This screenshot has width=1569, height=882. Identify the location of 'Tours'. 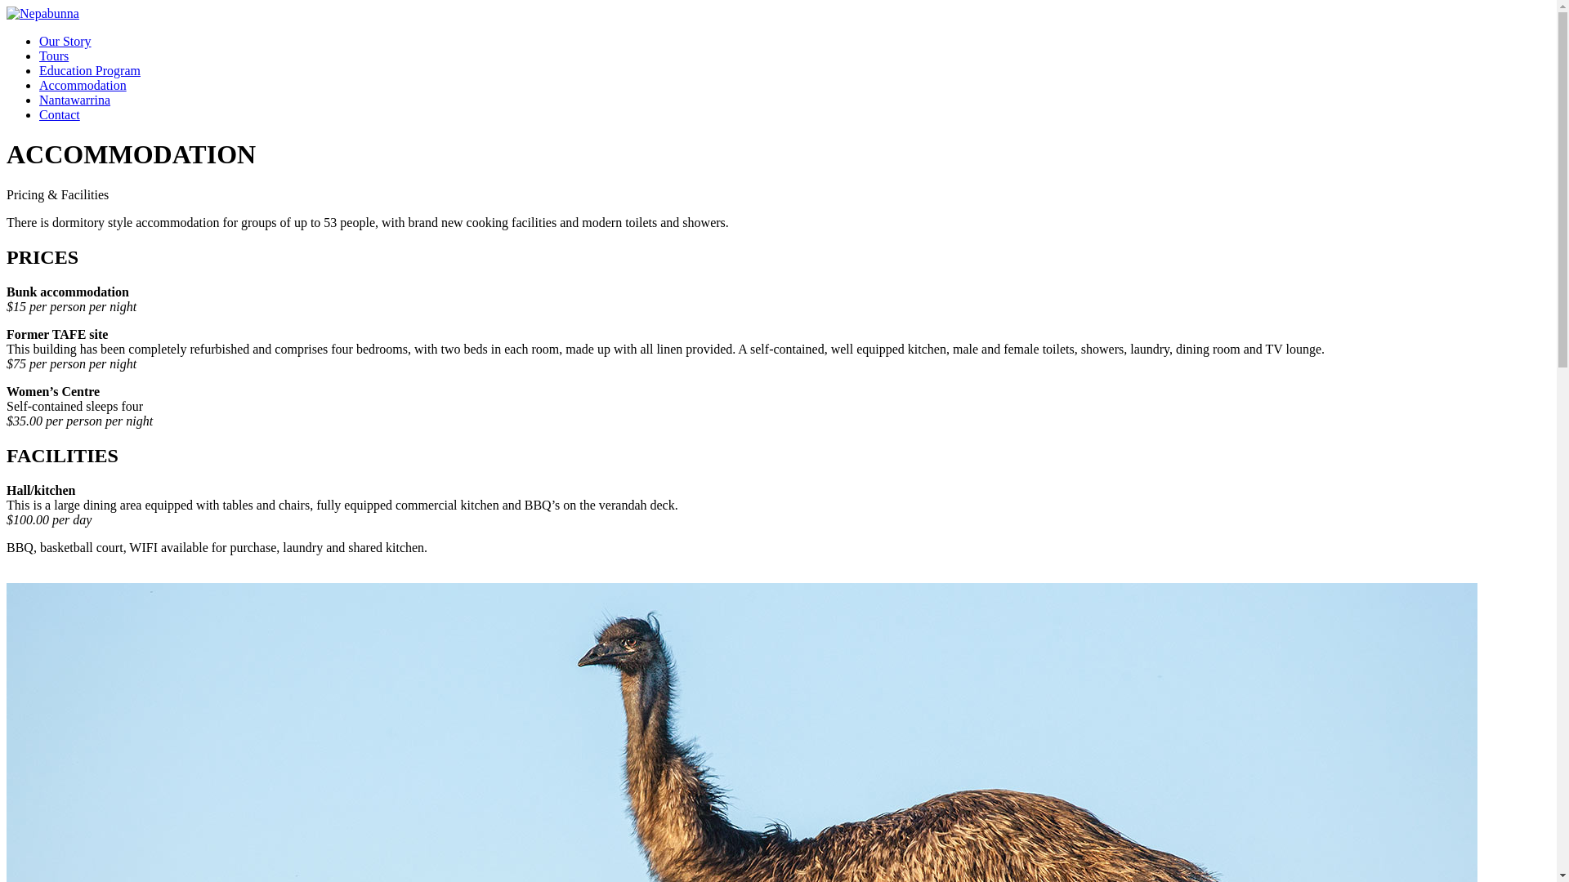
(54, 55).